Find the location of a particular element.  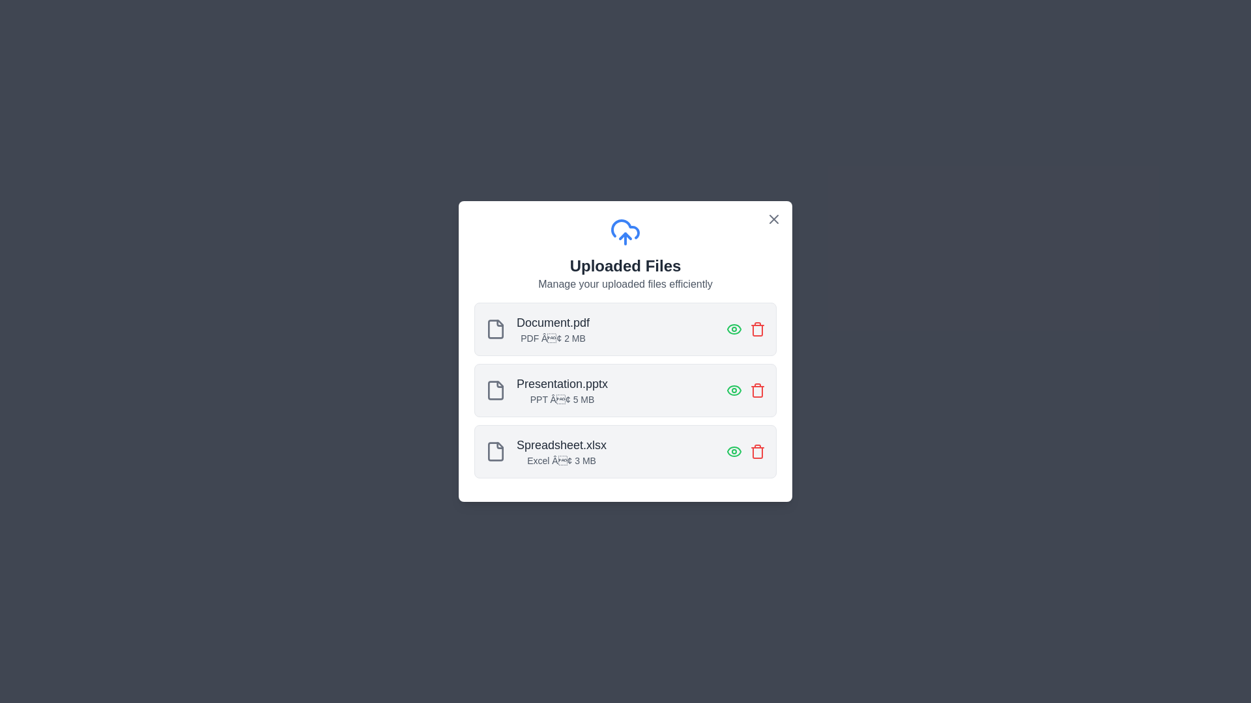

the text label displaying the name, type, and size of the uploaded file, which is located in the second row of the uploaded files list, between the 'Document.pdf' and 'Spreadsheet.xlsx' rows is located at coordinates (562, 390).